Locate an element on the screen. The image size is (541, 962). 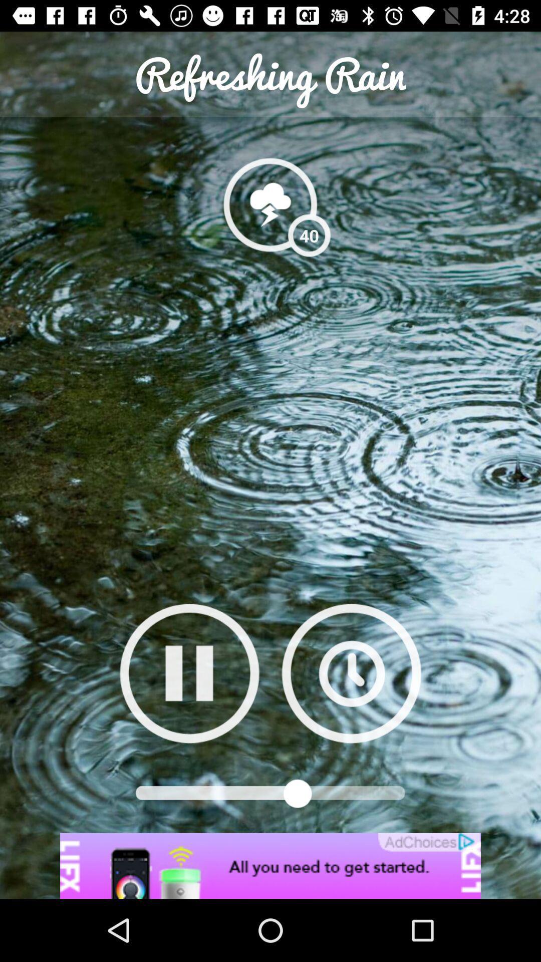
pause is located at coordinates (189, 673).